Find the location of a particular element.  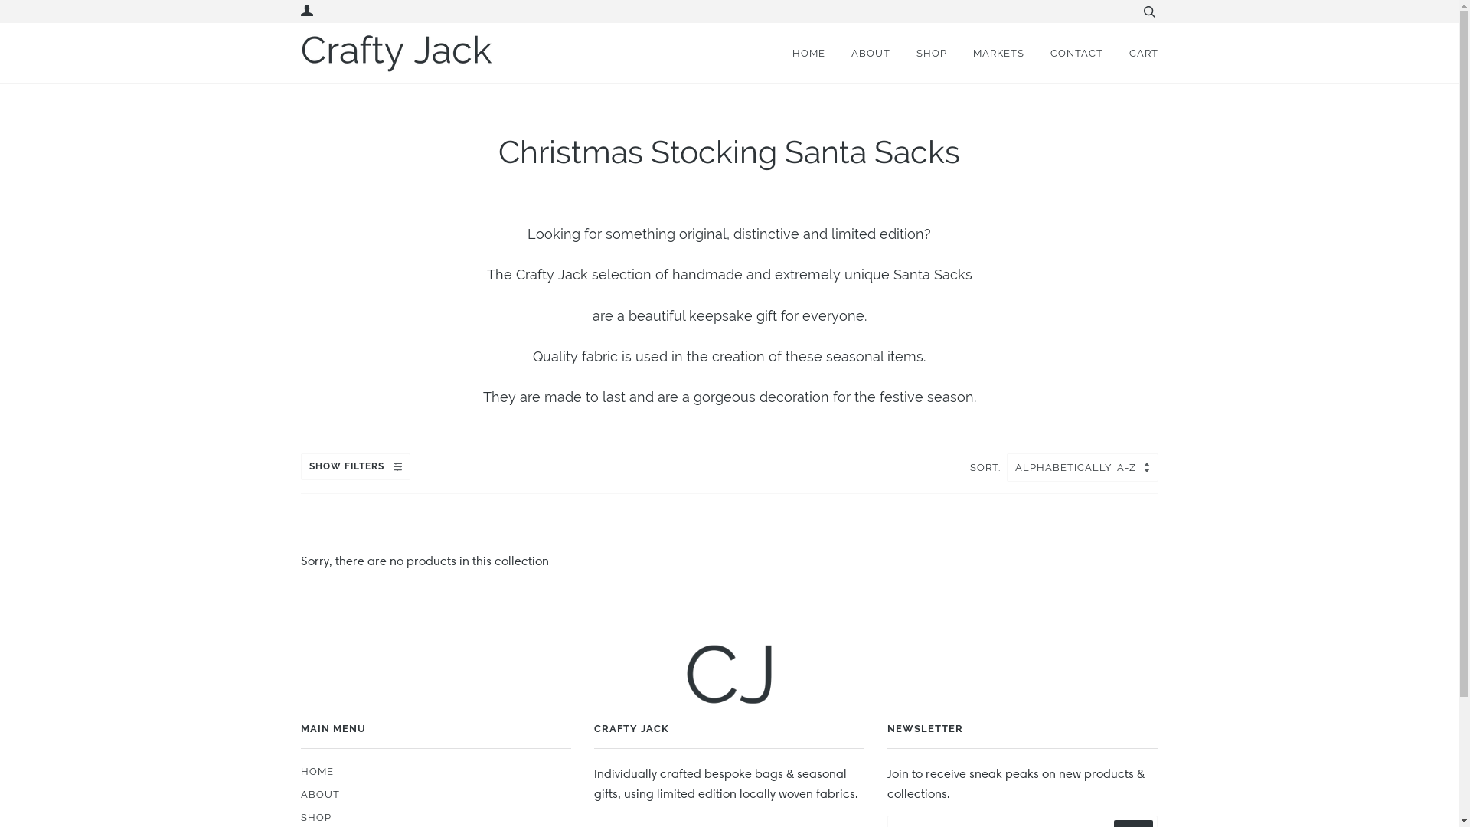

'ABOUT' is located at coordinates (827, 52).